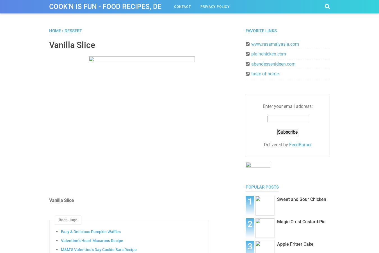 The height and width of the screenshot is (253, 379). What do you see at coordinates (295, 244) in the screenshot?
I see `'Apple Fritter Cake'` at bounding box center [295, 244].